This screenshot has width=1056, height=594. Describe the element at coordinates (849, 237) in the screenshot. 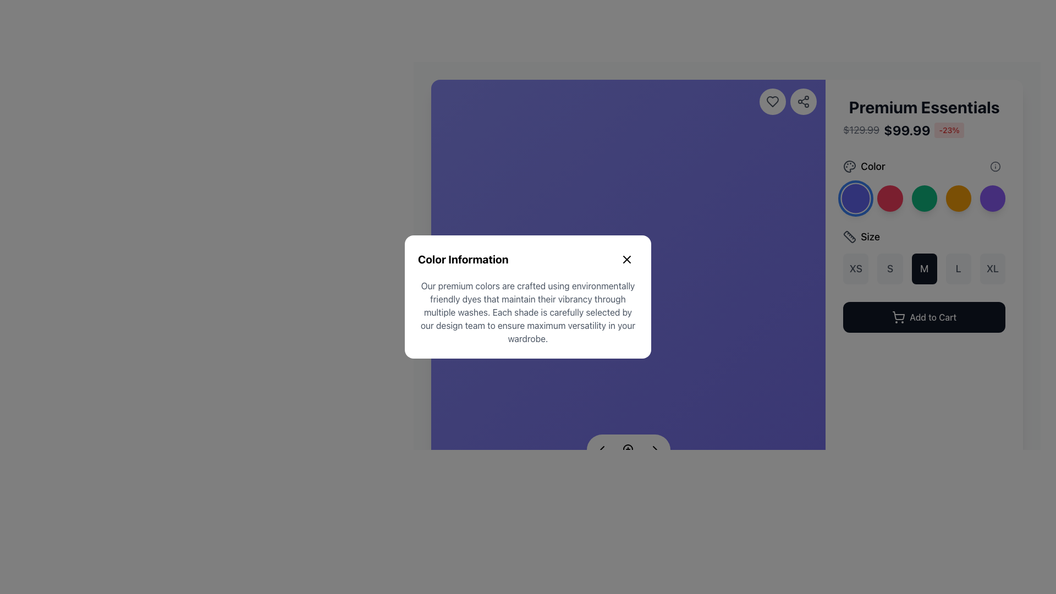

I see `the design of the gray ruler icon located next to the 'Size' label in the product attributes section` at that location.